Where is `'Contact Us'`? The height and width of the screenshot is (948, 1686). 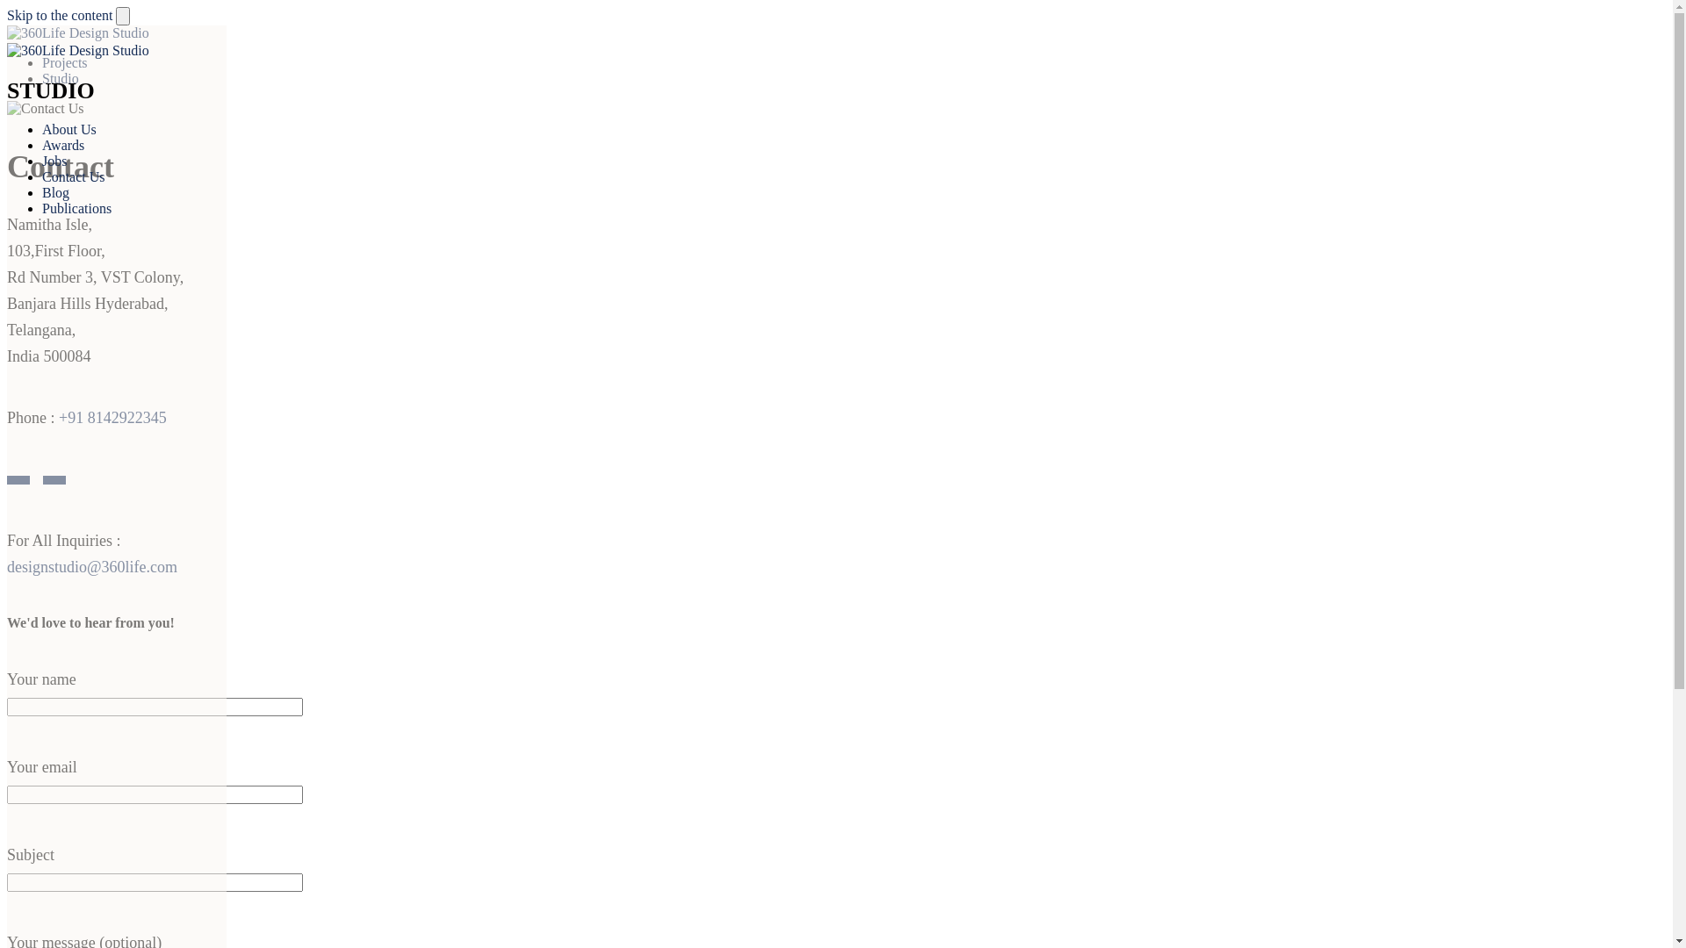 'Contact Us' is located at coordinates (72, 176).